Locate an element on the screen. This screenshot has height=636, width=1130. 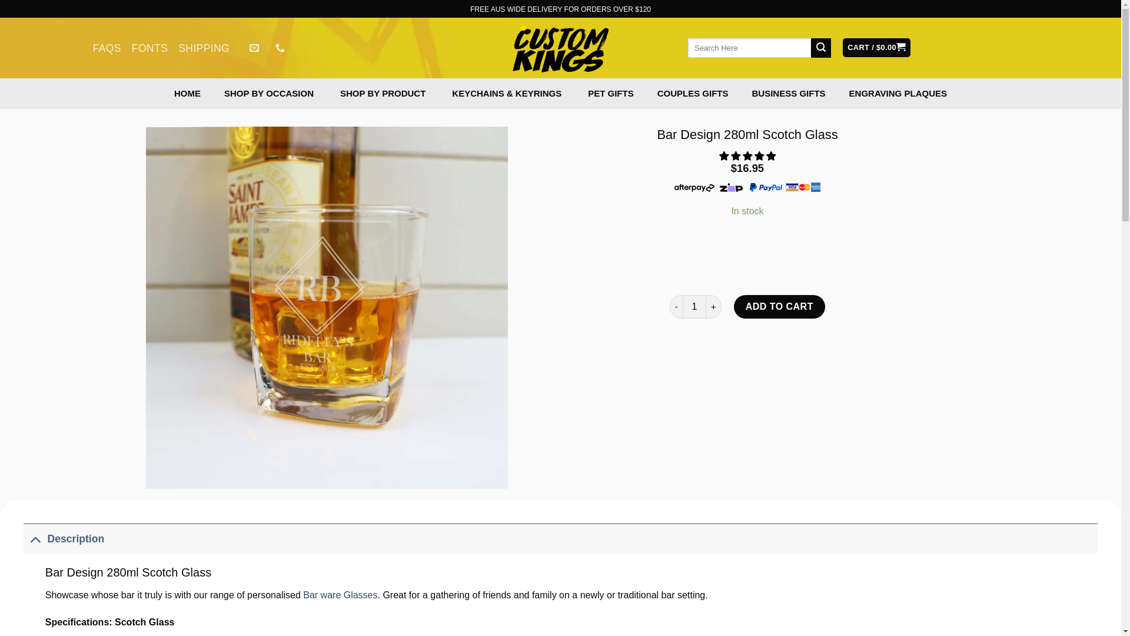
'PET GIFTS' is located at coordinates (610, 92).